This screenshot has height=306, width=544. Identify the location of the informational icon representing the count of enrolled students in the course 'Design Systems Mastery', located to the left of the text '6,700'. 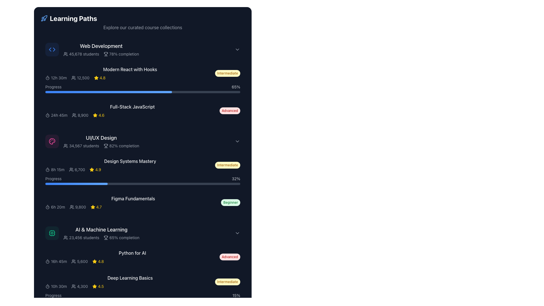
(71, 169).